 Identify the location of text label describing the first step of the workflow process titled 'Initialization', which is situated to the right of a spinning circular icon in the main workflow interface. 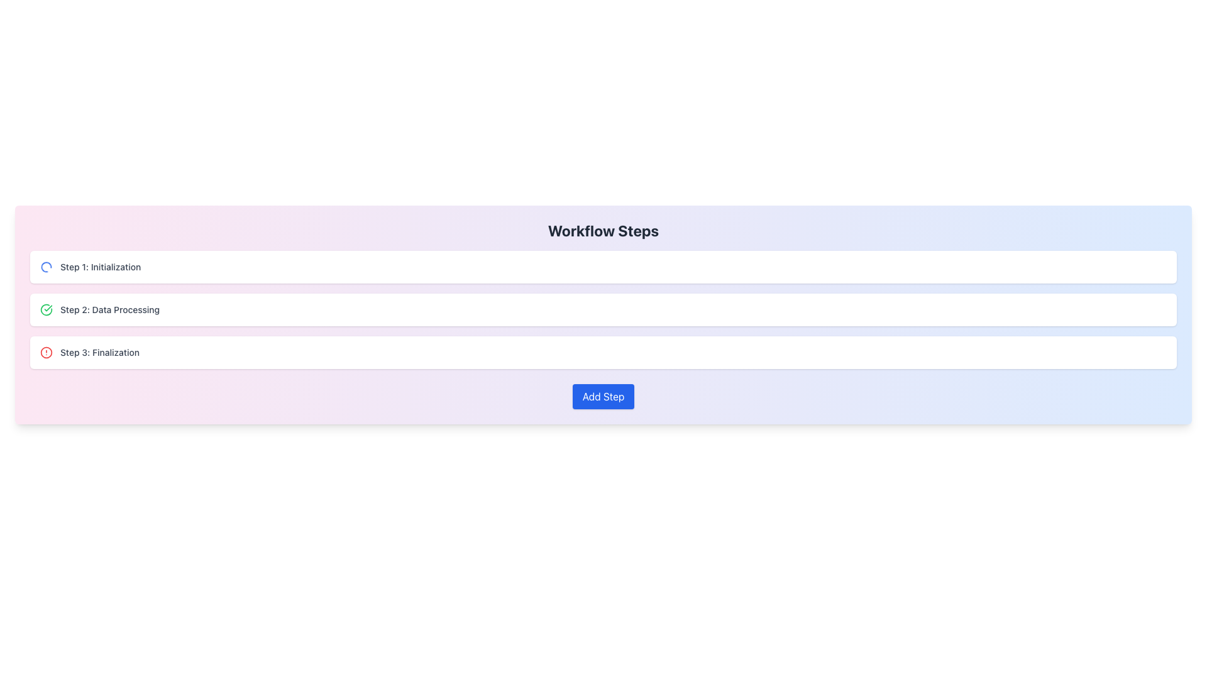
(101, 266).